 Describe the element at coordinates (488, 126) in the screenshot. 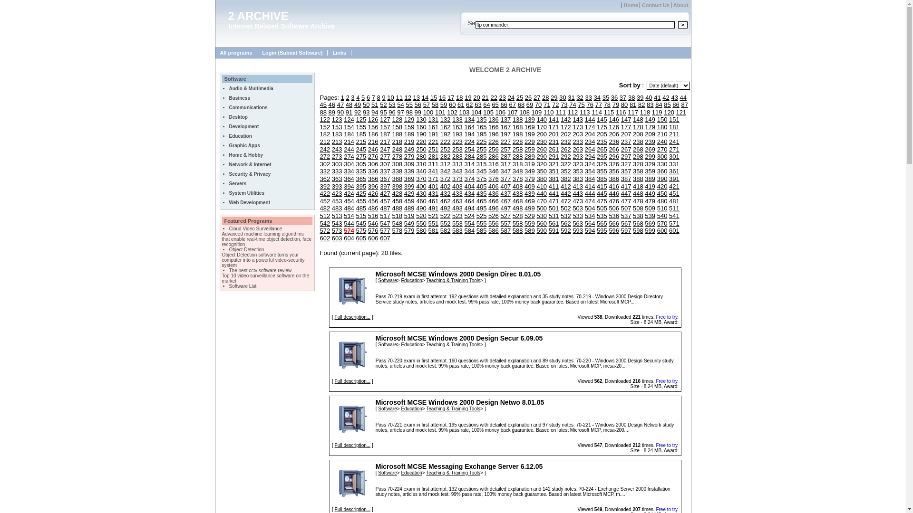

I see `'166'` at that location.